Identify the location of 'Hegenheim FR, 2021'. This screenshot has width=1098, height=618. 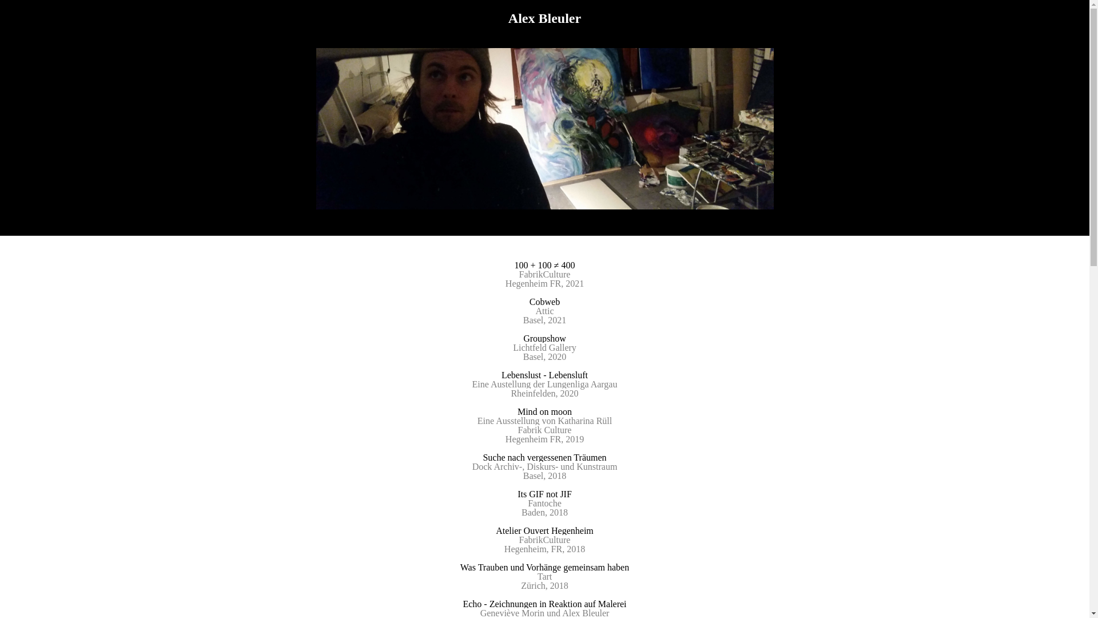
(544, 283).